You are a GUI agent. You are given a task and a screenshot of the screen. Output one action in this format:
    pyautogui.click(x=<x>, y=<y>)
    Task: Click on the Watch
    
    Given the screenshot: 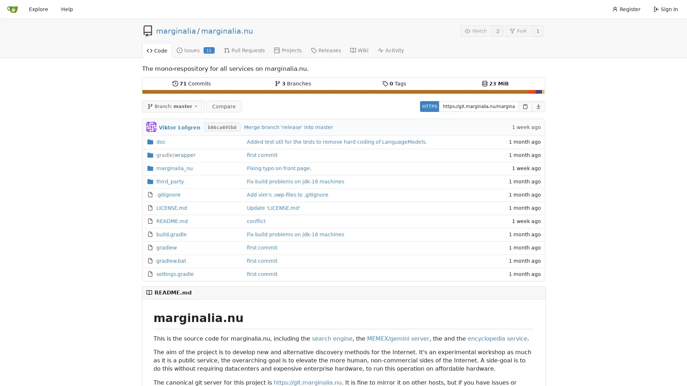 What is the action you would take?
    pyautogui.click(x=476, y=30)
    